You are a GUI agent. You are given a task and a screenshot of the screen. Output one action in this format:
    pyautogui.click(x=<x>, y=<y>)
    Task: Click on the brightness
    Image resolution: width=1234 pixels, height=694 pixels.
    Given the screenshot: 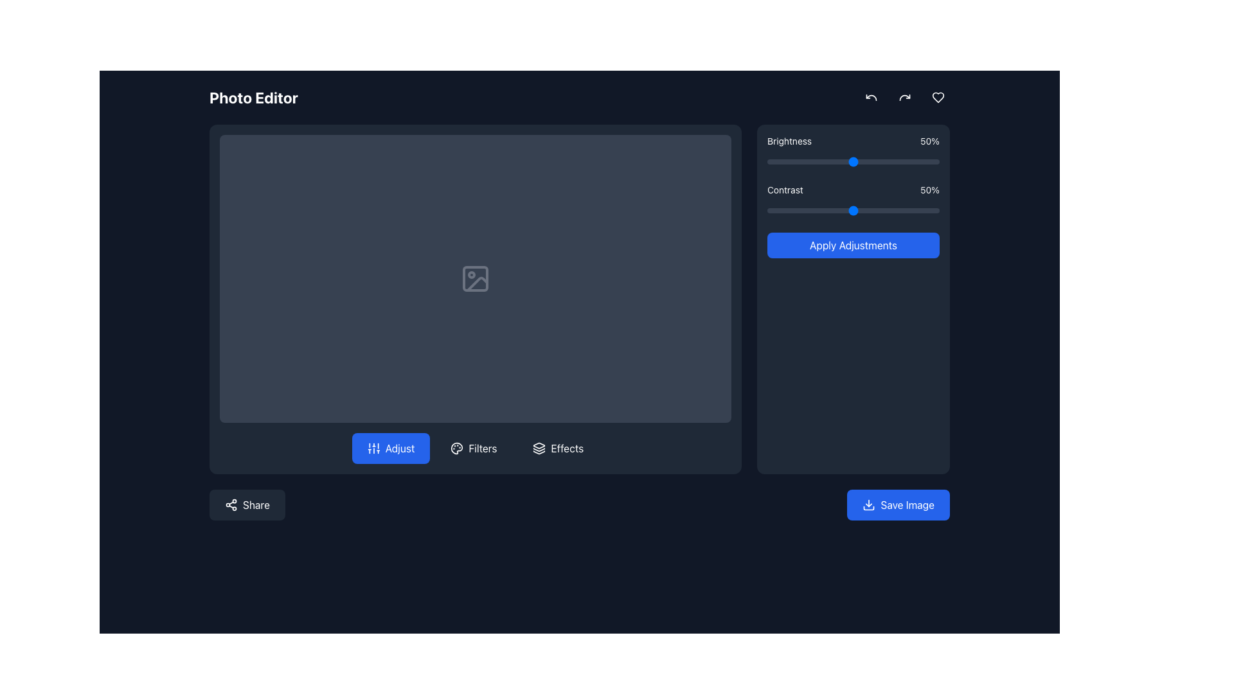 What is the action you would take?
    pyautogui.click(x=909, y=161)
    